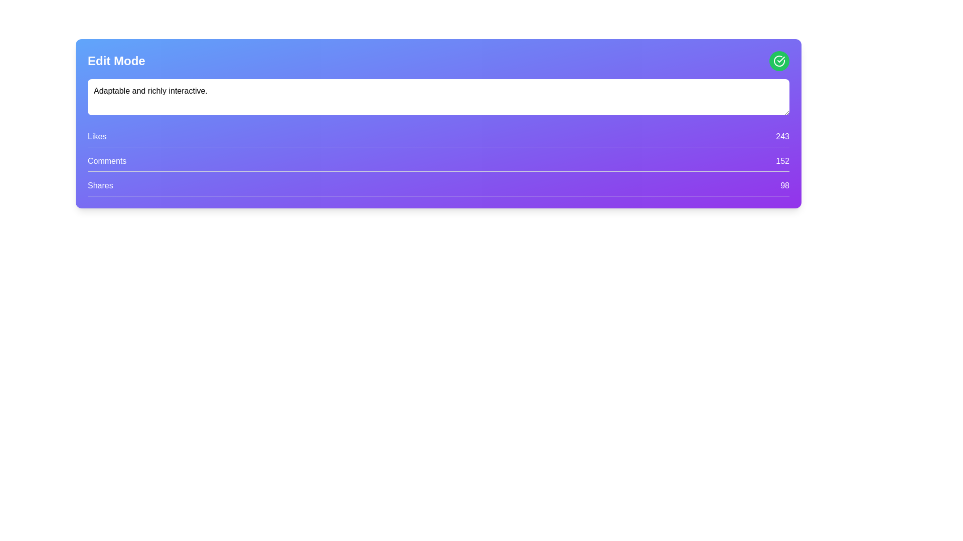 This screenshot has height=541, width=963. What do you see at coordinates (780, 60) in the screenshot?
I see `the SVG checkmark icon within the circular outline located in the top-right corner of the card-like component` at bounding box center [780, 60].